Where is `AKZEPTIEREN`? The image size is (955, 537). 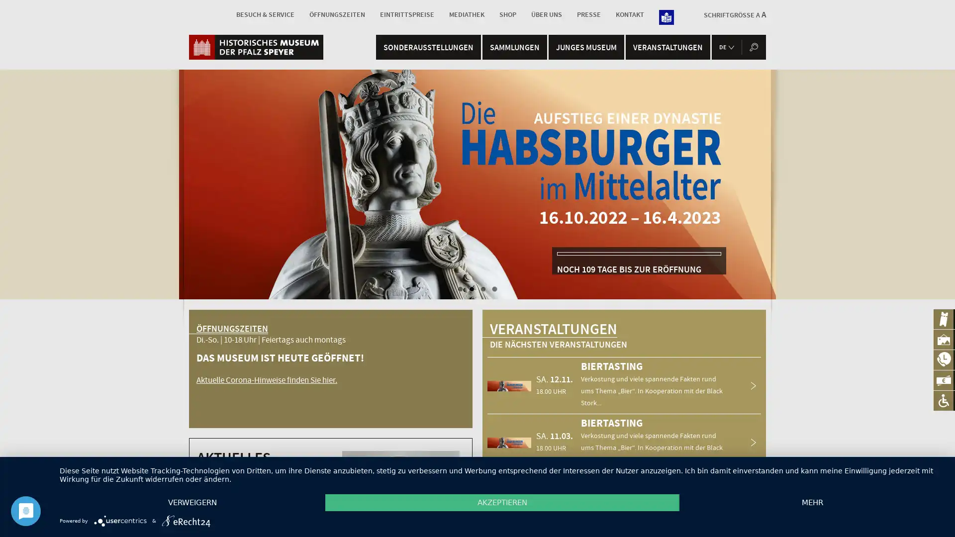
AKZEPTIEREN is located at coordinates (502, 502).